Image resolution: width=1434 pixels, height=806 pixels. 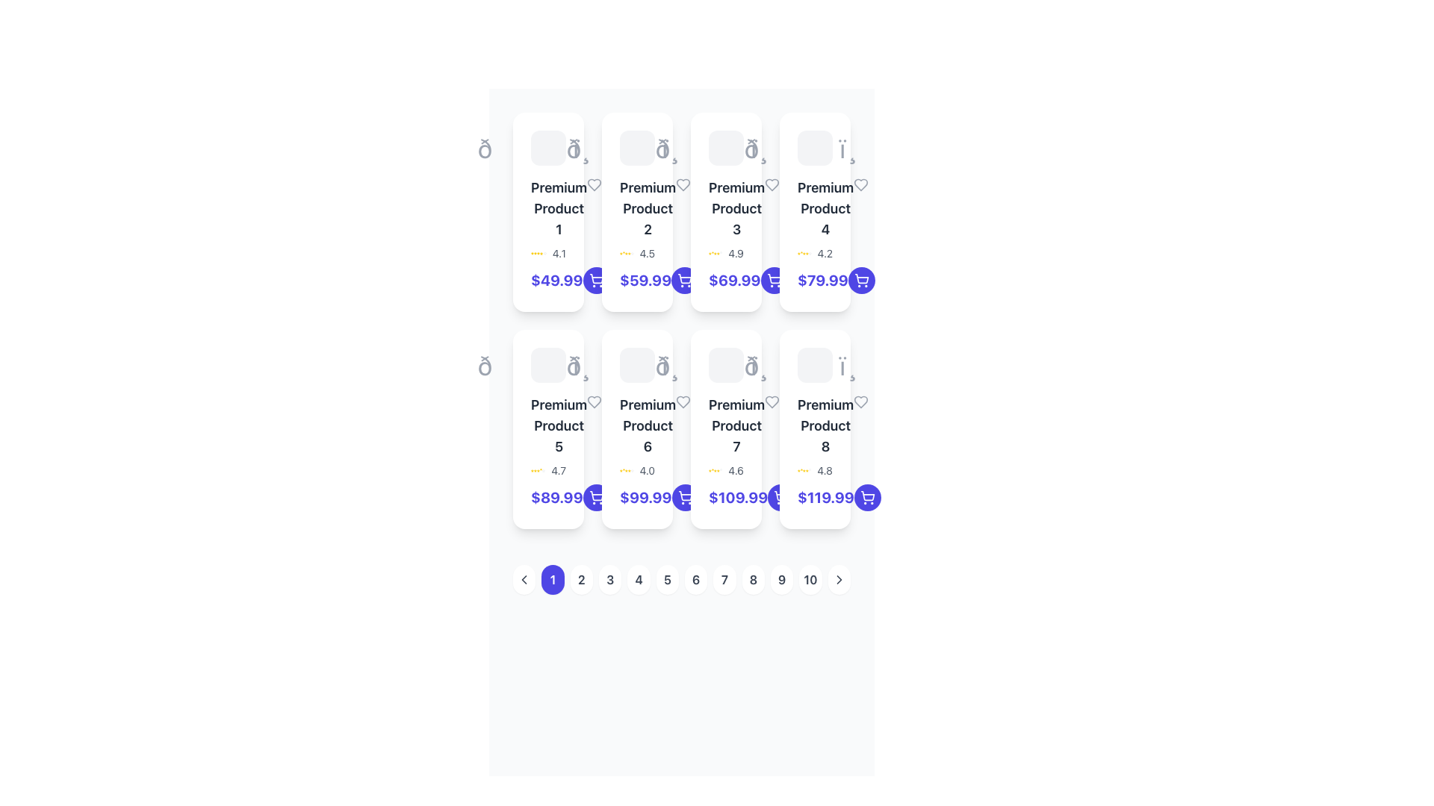 What do you see at coordinates (595, 496) in the screenshot?
I see `the add to cart icon located at the bottom-right corner of the 'Premium Product 8' card` at bounding box center [595, 496].